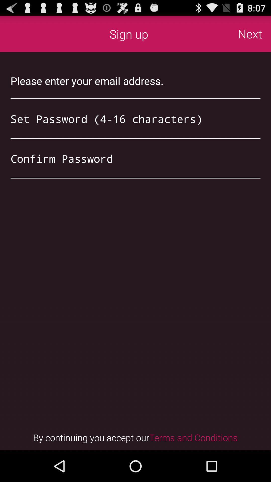 The height and width of the screenshot is (482, 271). Describe the element at coordinates (135, 81) in the screenshot. I see `email` at that location.